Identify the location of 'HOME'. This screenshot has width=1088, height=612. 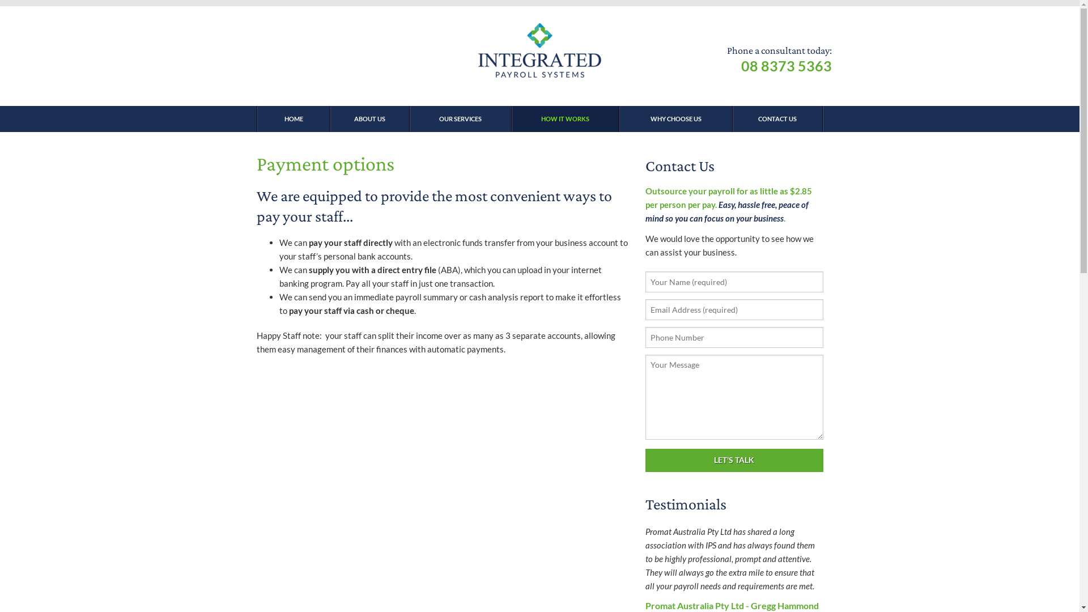
(293, 118).